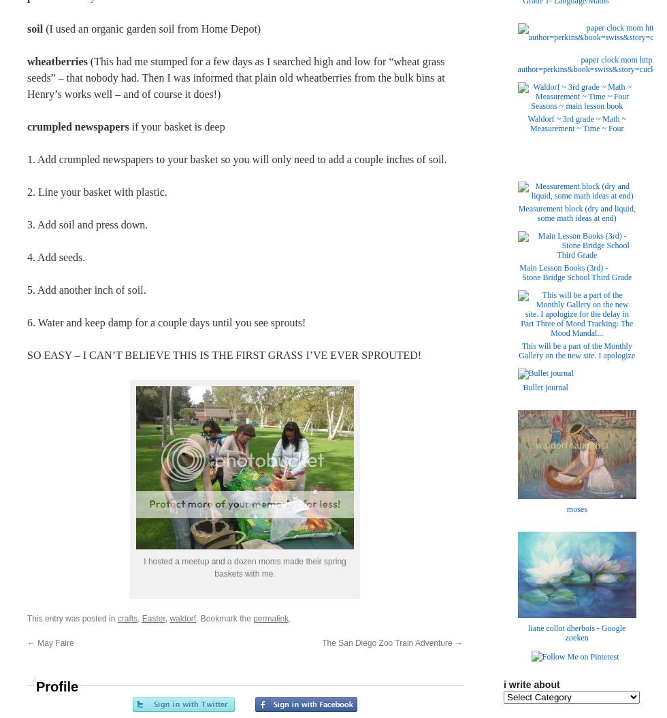  I want to click on '3. Add soil and press down.', so click(87, 224).